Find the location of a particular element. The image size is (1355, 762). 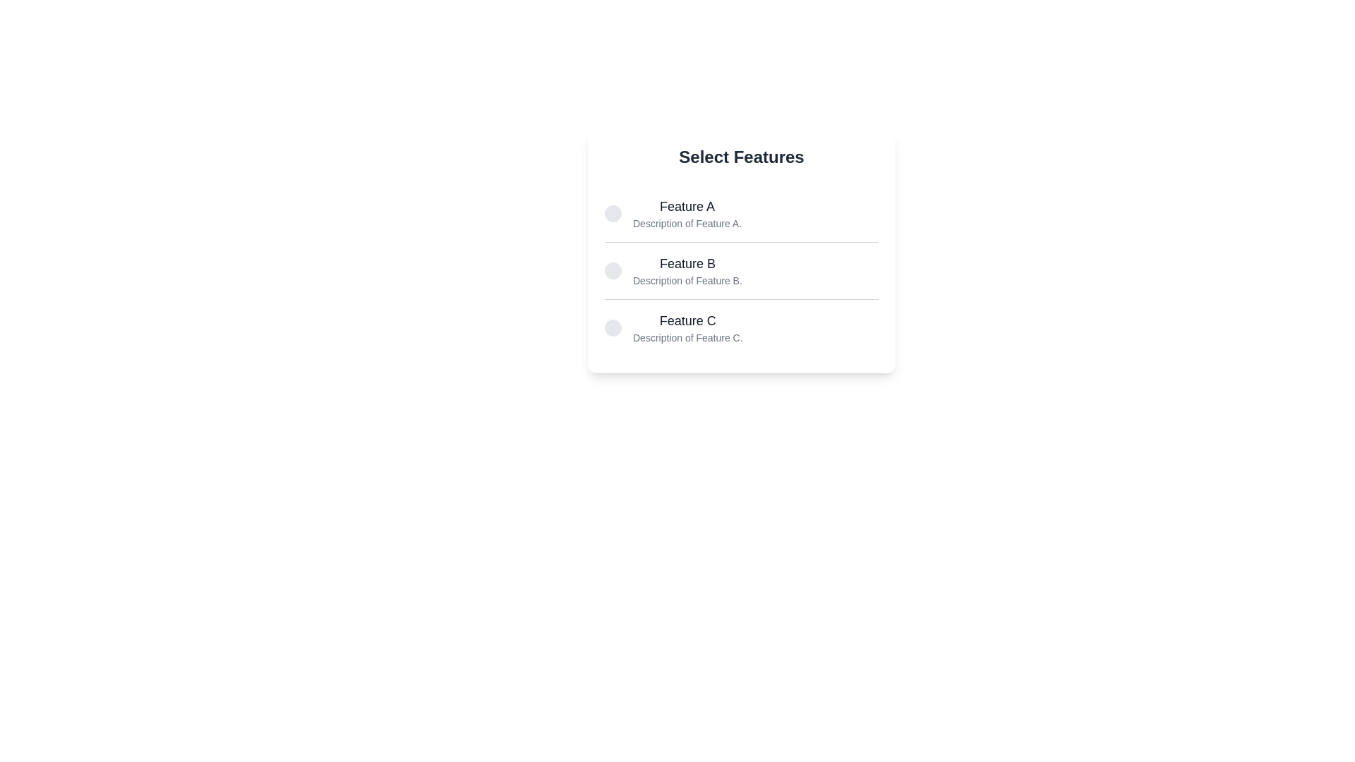

the first selectable option in the list labeled 'Feature A' is located at coordinates (741, 214).